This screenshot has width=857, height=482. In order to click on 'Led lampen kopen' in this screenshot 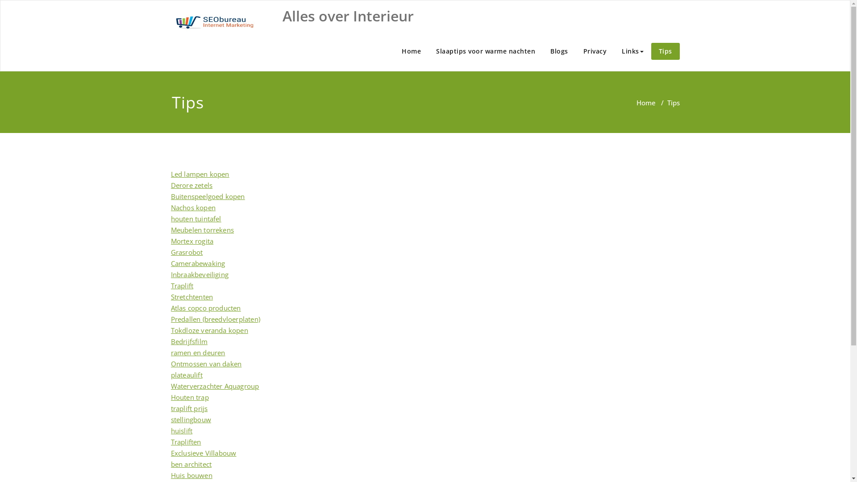, I will do `click(199, 174)`.